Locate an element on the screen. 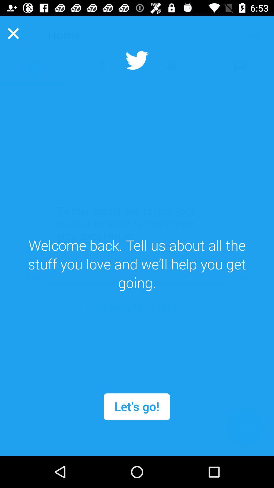 The image size is (274, 488). item above the welcome back tell item is located at coordinates (13, 33).